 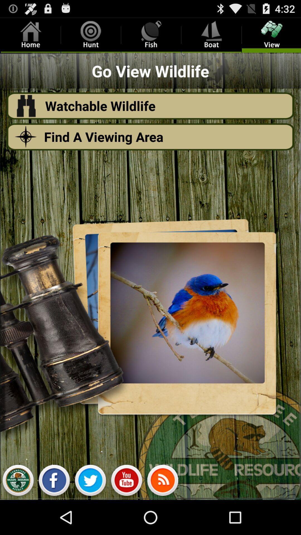 What do you see at coordinates (162, 481) in the screenshot?
I see `wifi` at bounding box center [162, 481].